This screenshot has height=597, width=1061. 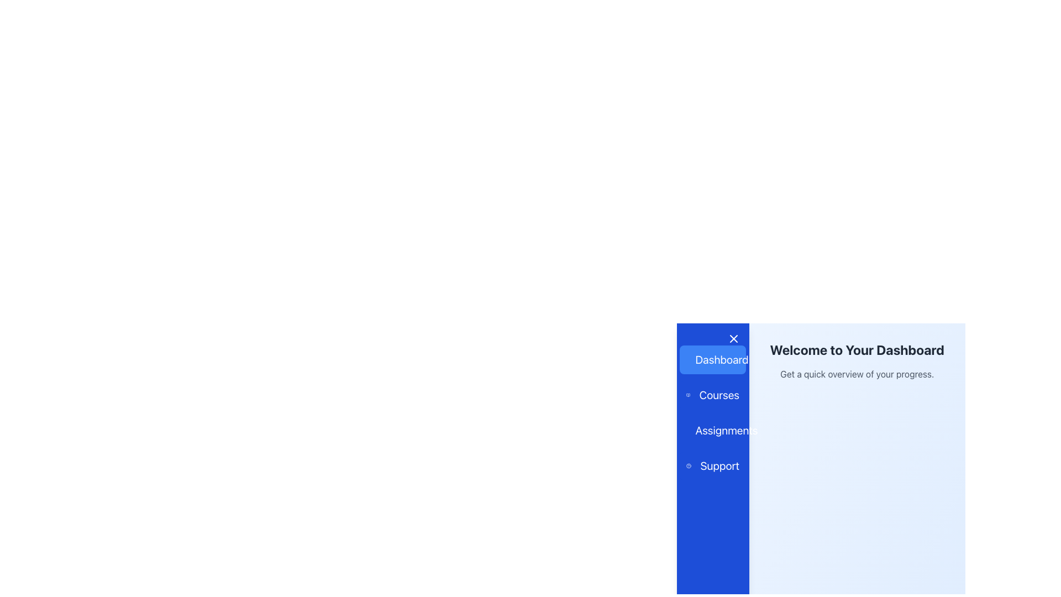 I want to click on the 'Courses' button, which has a blue background, rounded edges, and is located in the vertical navigation menu after the 'Dashboard' button, so click(x=713, y=394).